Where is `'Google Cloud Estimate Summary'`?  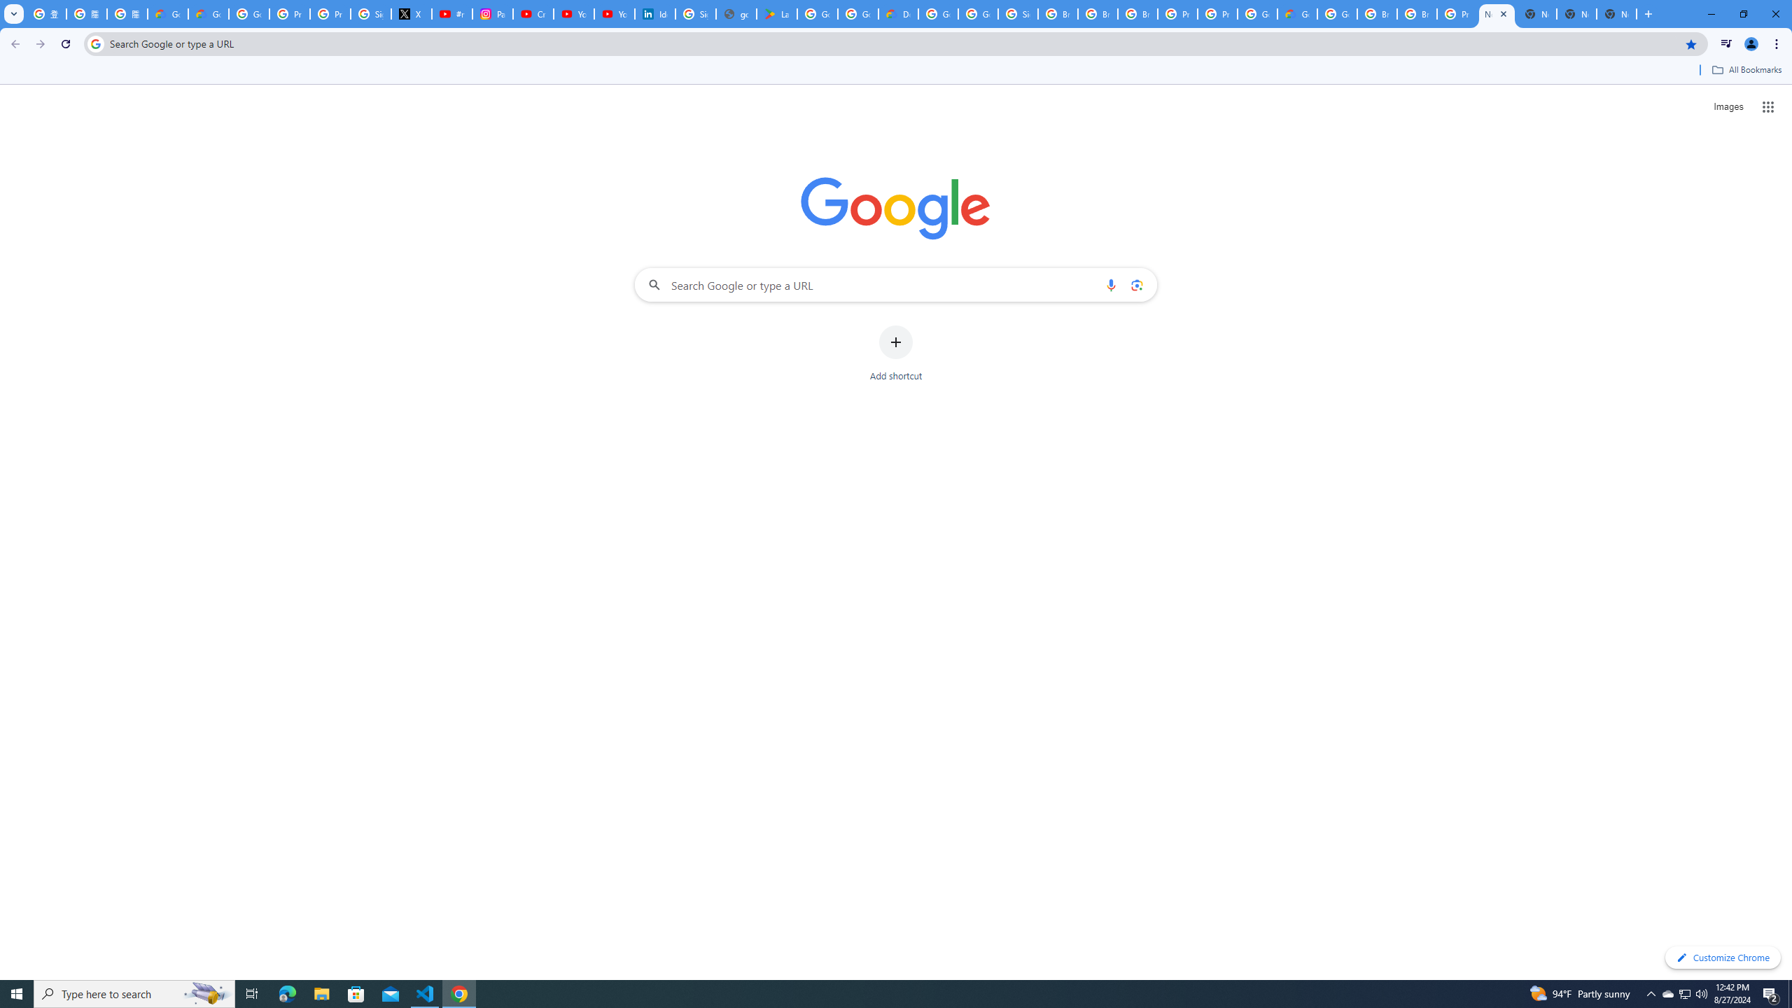 'Google Cloud Estimate Summary' is located at coordinates (1296, 13).